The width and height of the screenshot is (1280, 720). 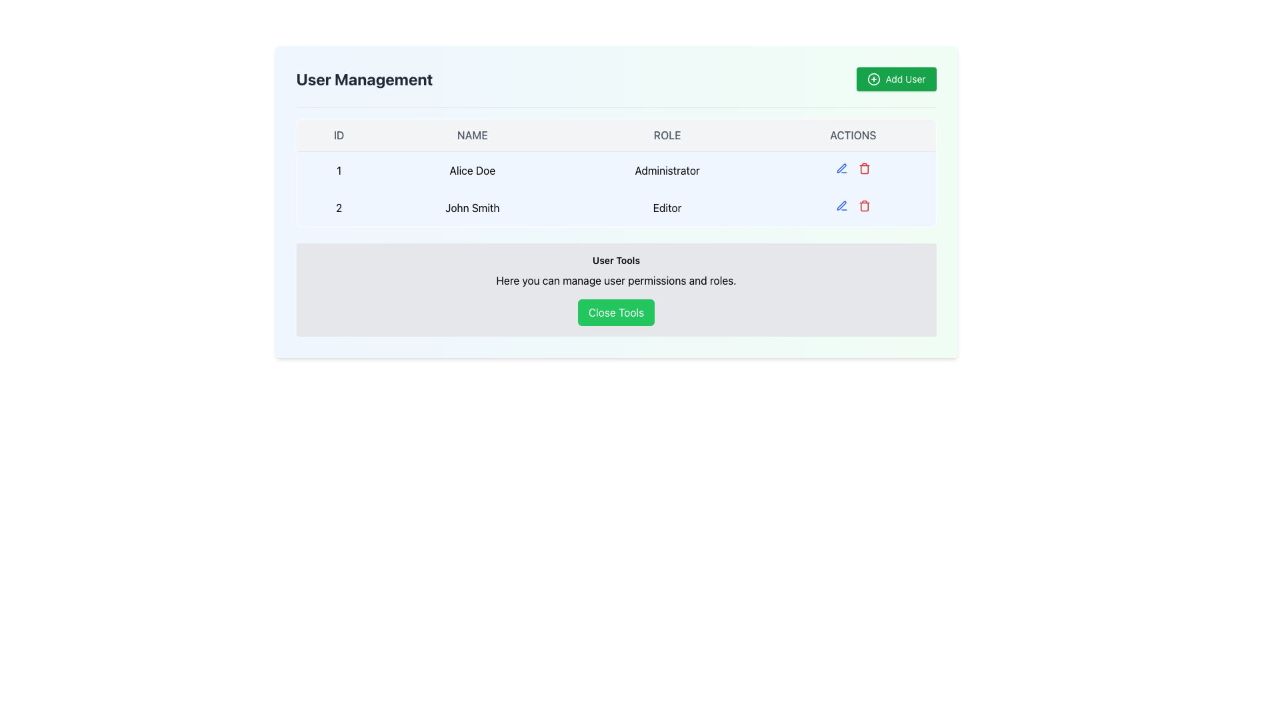 What do you see at coordinates (615, 279) in the screenshot?
I see `the informational text that reads 'Here you can manage user permissions and roles.', which is centered within a light gray background in the lower half of the application interface` at bounding box center [615, 279].